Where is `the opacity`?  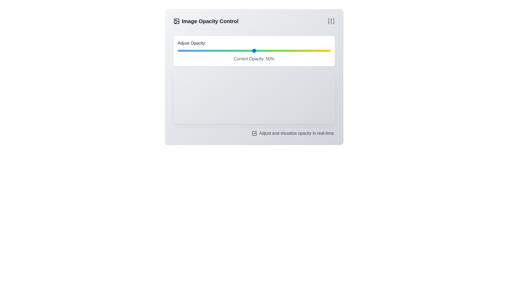 the opacity is located at coordinates (177, 51).